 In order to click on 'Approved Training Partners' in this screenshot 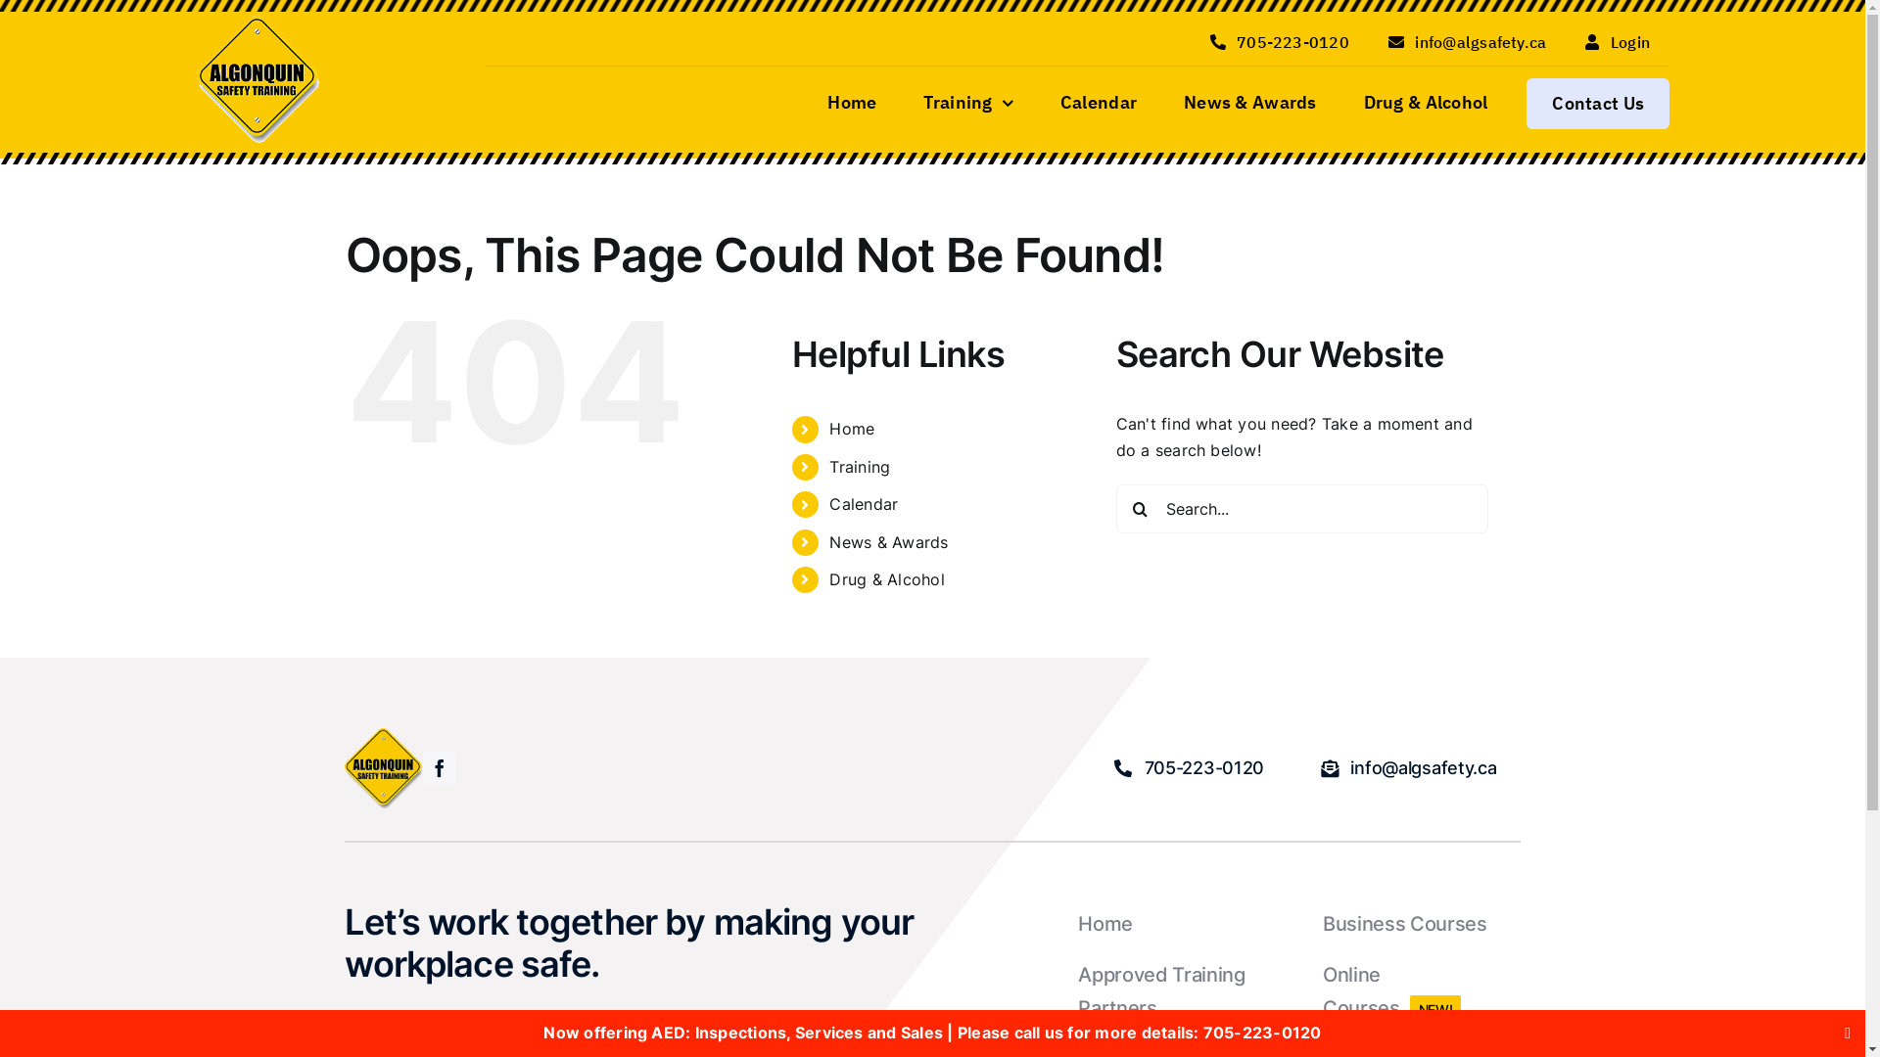, I will do `click(1076, 992)`.